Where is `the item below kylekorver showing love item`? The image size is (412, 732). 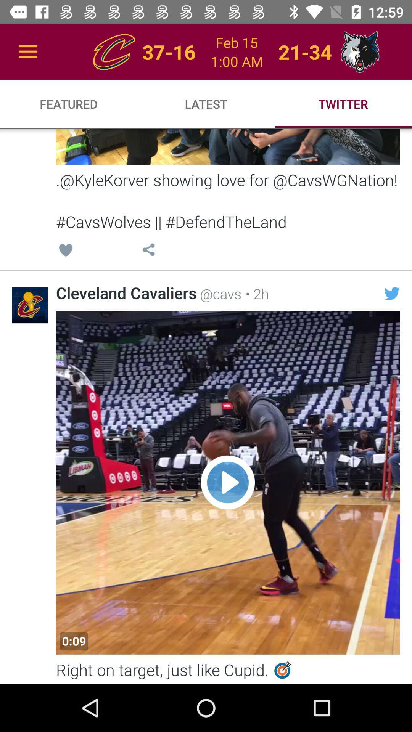
the item below kylekorver showing love item is located at coordinates (65, 251).